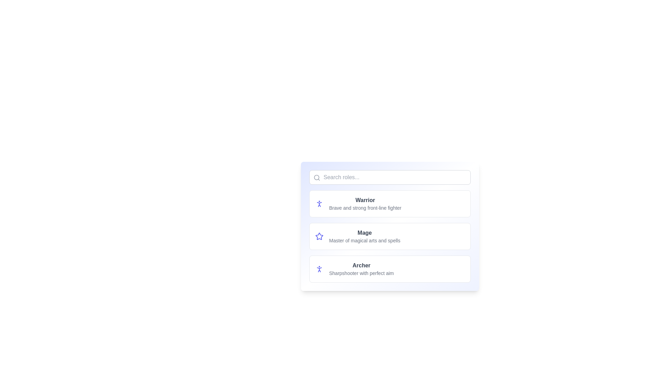  I want to click on the text label displaying 'Master of magical arts and spells', which is styled in a smaller font size and light gray color, located below the word 'Mage', so click(364, 240).